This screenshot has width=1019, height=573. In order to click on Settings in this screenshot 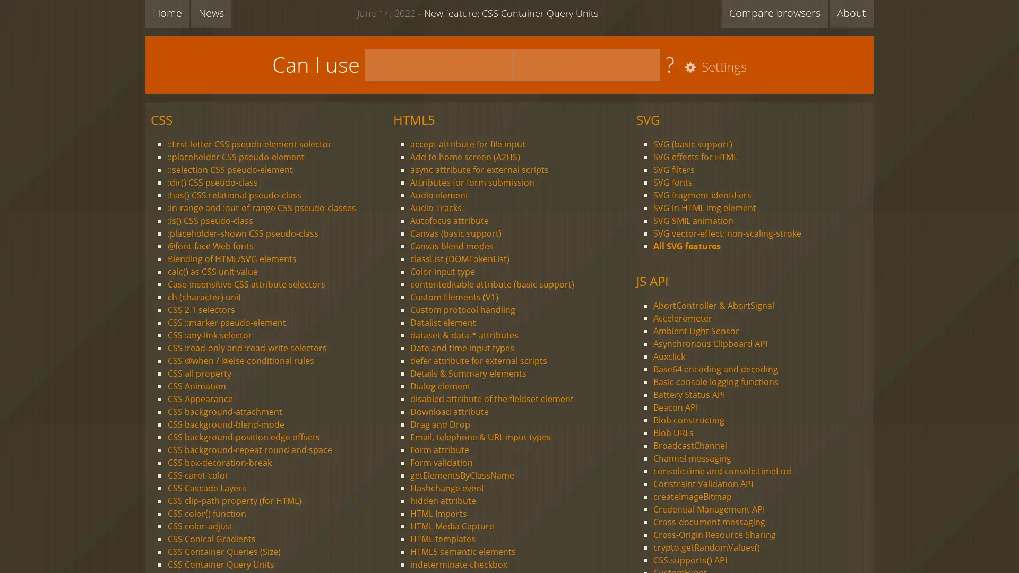, I will do `click(713, 67)`.